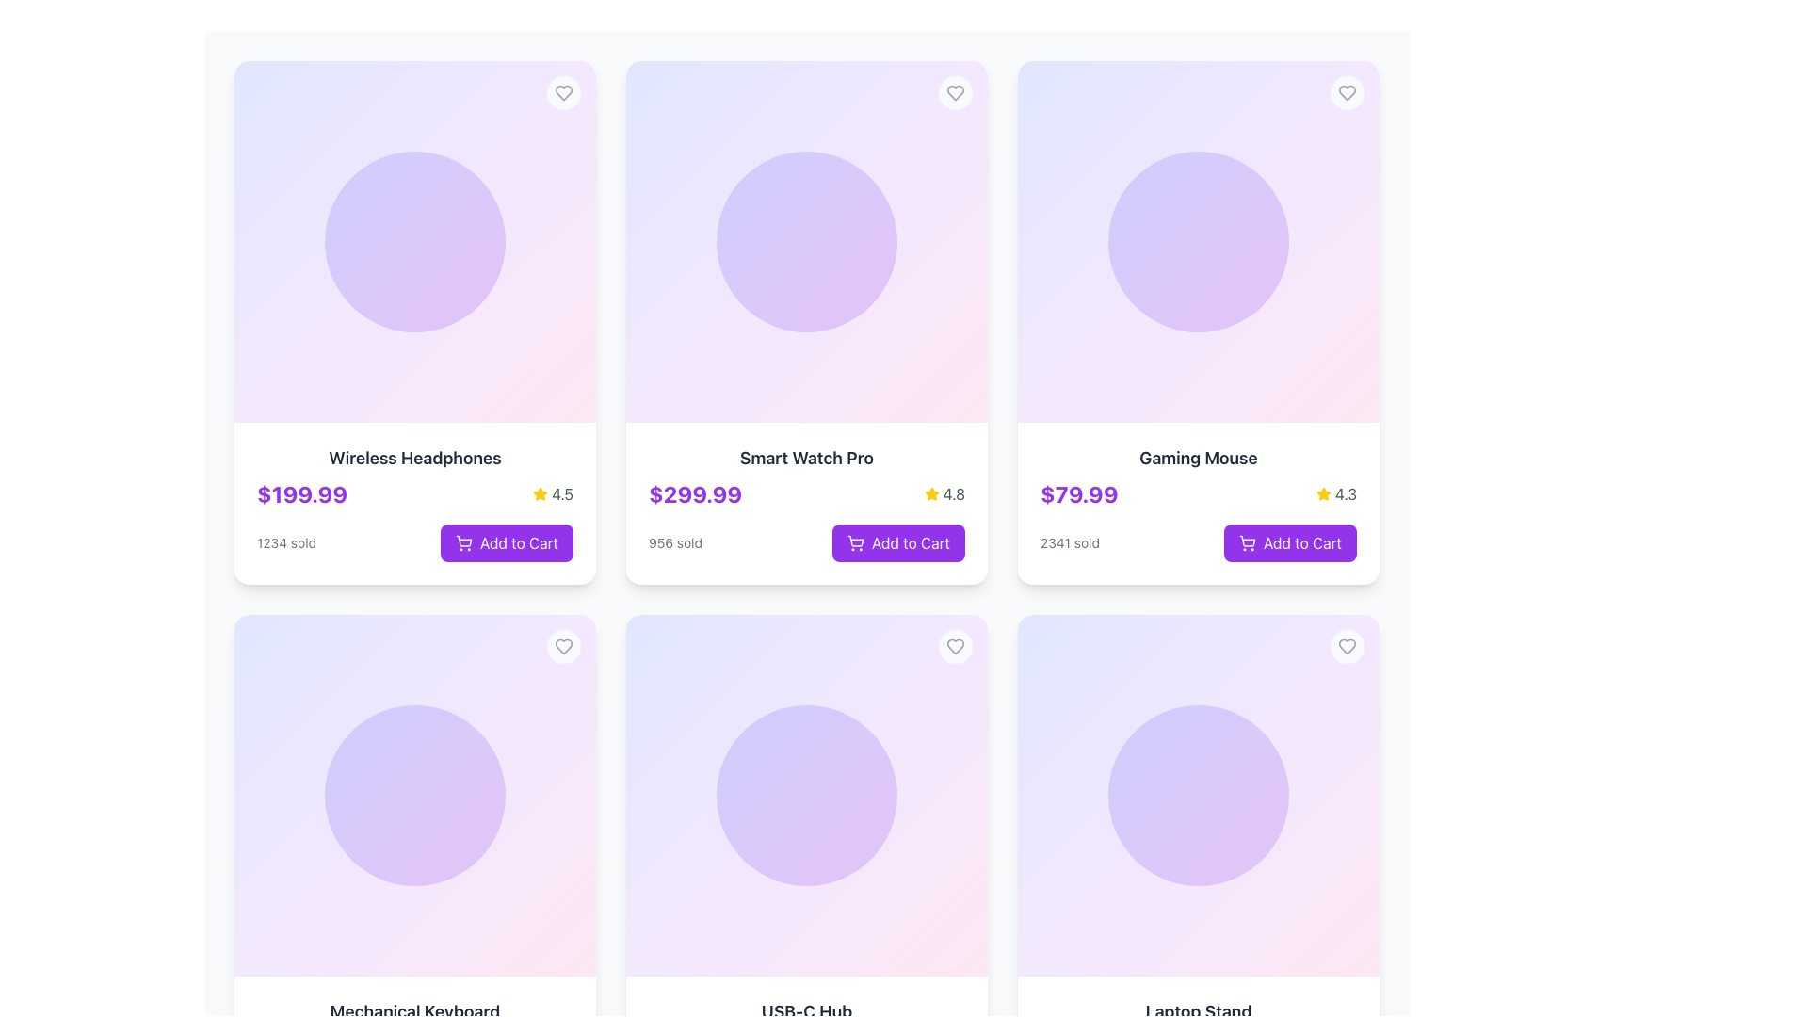 Image resolution: width=1808 pixels, height=1017 pixels. I want to click on the shopping cart icon located on the leftmost part of the 'Add to Cart' button for the 'Gaming Mouse' product, so click(1247, 543).